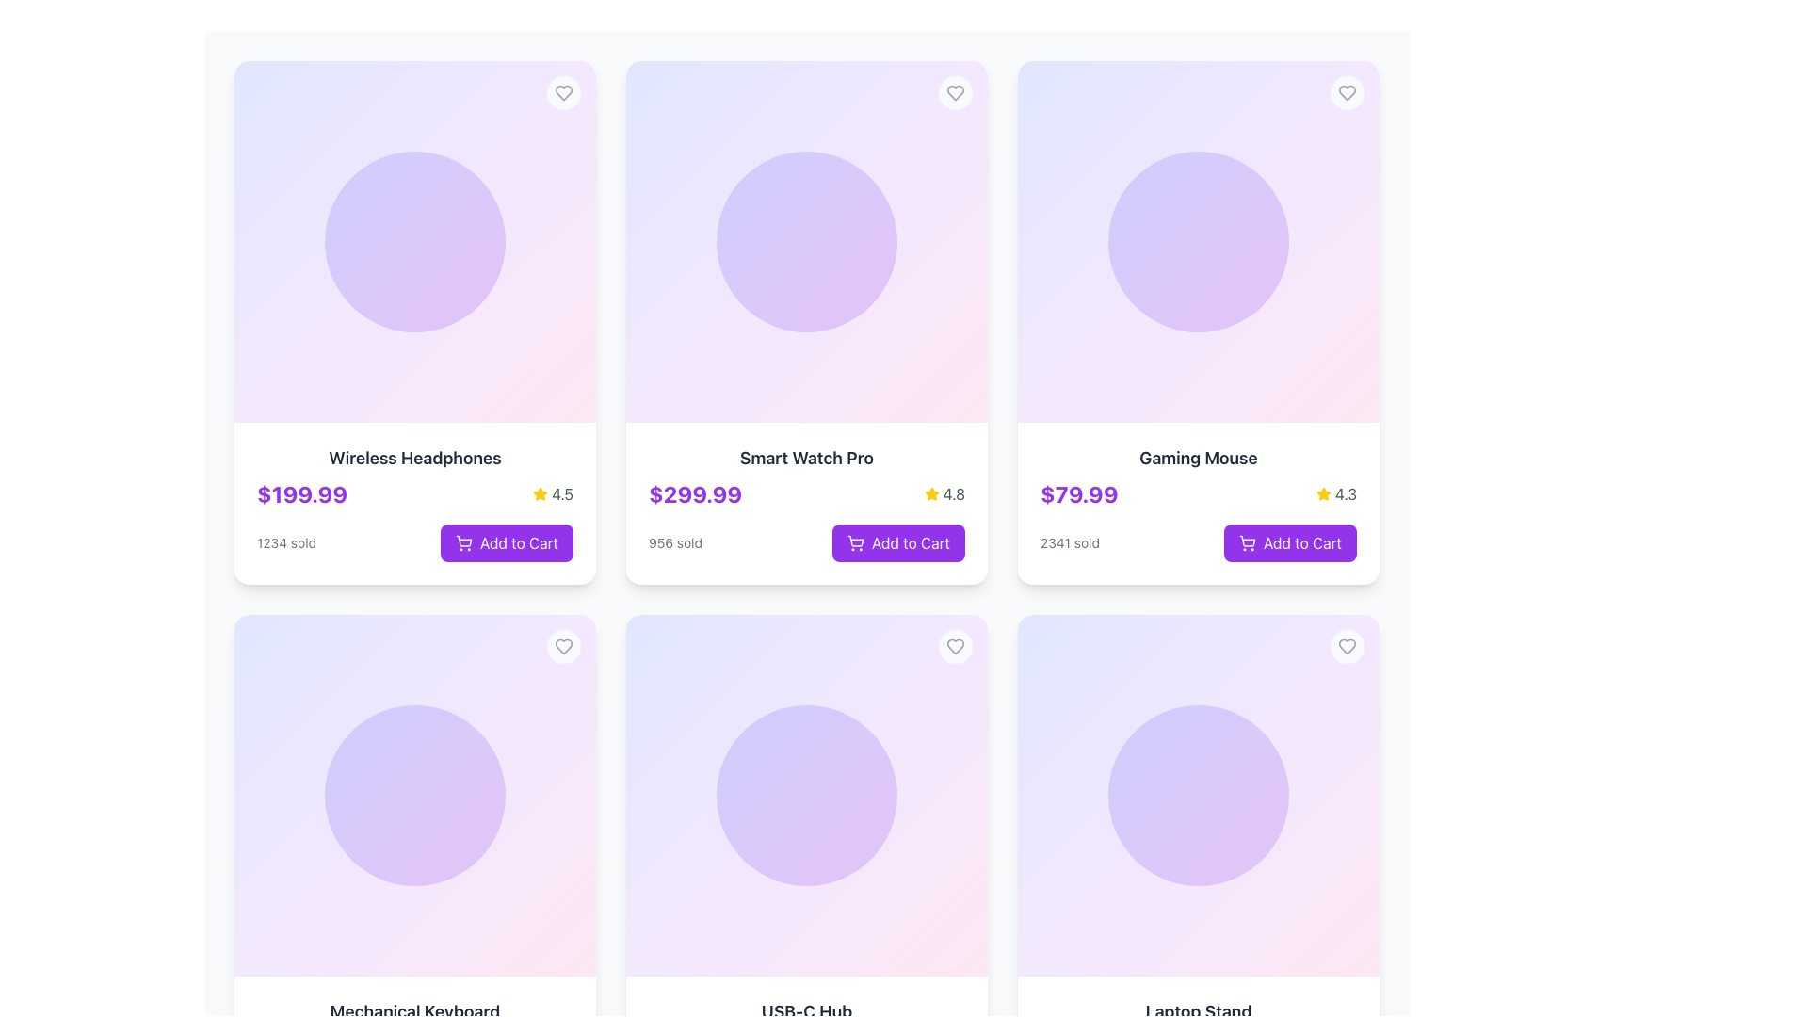 Image resolution: width=1808 pixels, height=1017 pixels. I want to click on the shopping cart icon located on the leftmost part of the 'Add to Cart' button for the 'Gaming Mouse' product, so click(1247, 543).